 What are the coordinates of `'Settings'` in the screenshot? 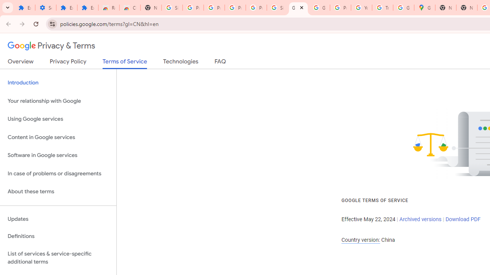 It's located at (45, 8).